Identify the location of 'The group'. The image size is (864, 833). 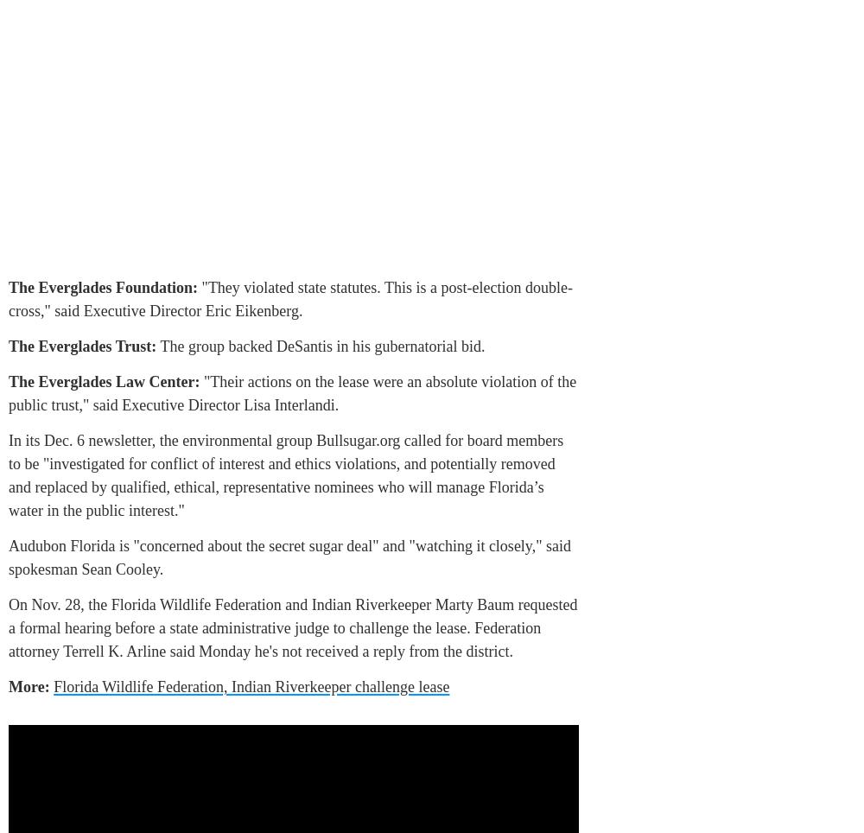
(189, 347).